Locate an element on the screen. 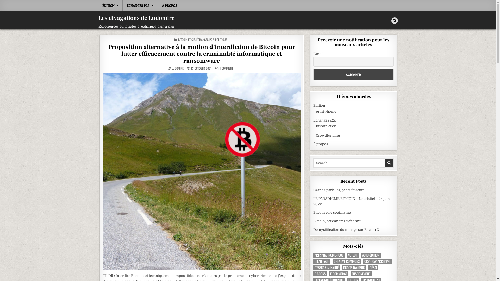 This screenshot has width=500, height=281. 'Bitcoin et le socialisme' is located at coordinates (332, 212).